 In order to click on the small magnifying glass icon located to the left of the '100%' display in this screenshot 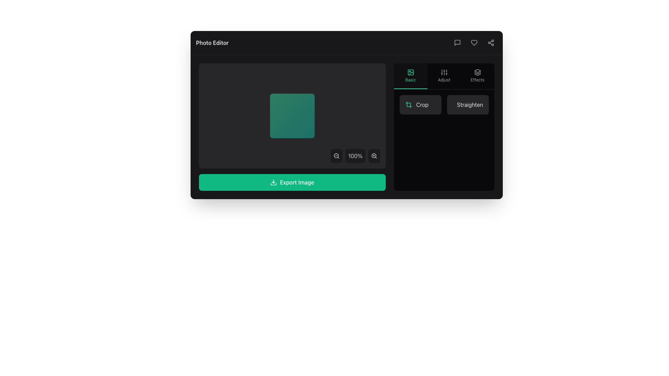, I will do `click(337, 155)`.